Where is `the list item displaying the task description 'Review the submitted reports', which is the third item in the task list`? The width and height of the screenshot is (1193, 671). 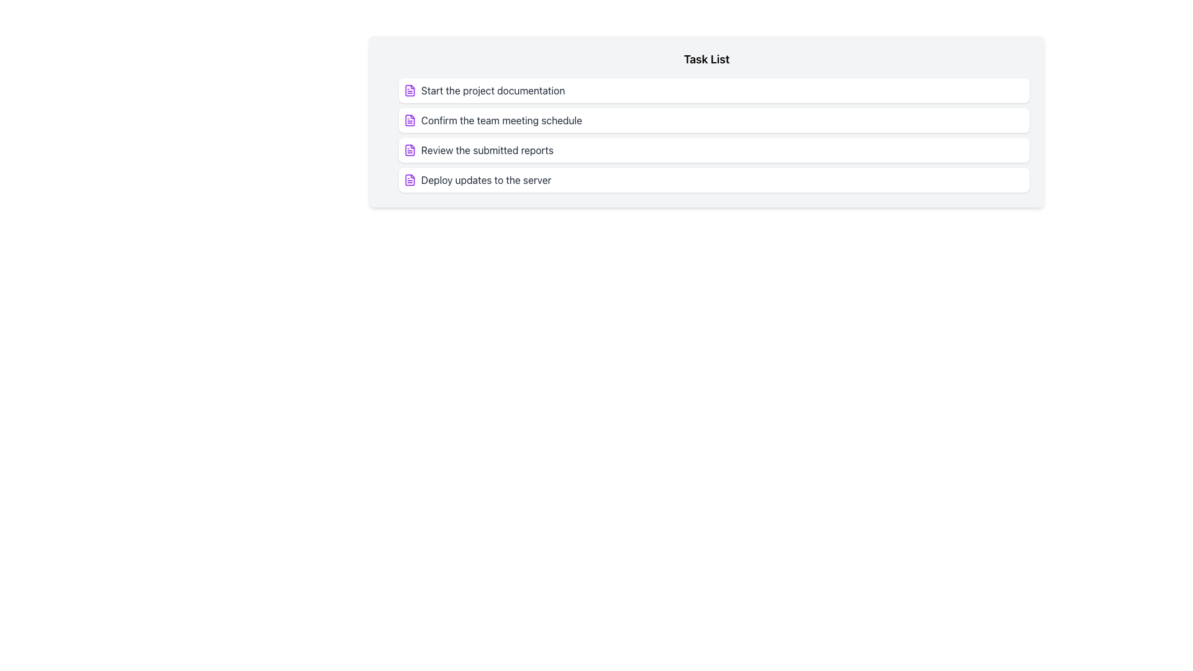 the list item displaying the task description 'Review the submitted reports', which is the third item in the task list is located at coordinates (714, 150).